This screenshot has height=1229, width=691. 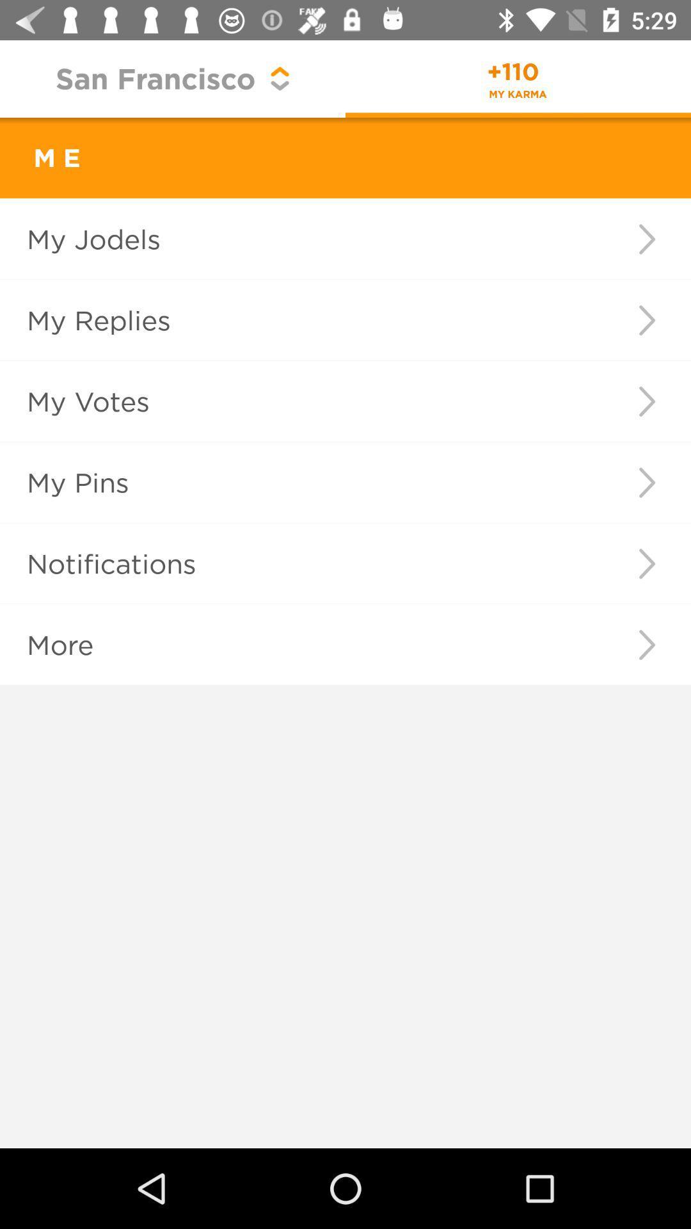 I want to click on icon below the notifications icon, so click(x=647, y=645).